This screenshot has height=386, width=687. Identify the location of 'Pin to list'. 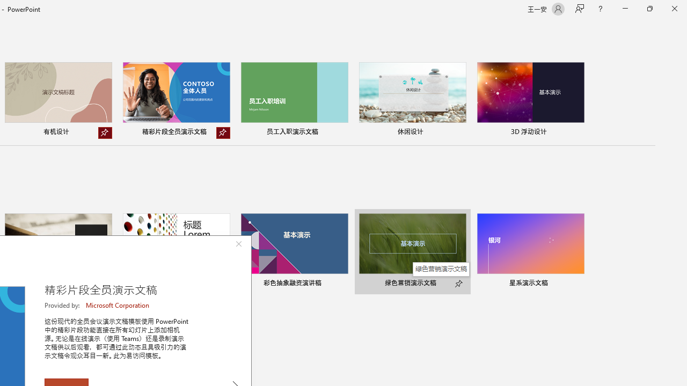
(576, 283).